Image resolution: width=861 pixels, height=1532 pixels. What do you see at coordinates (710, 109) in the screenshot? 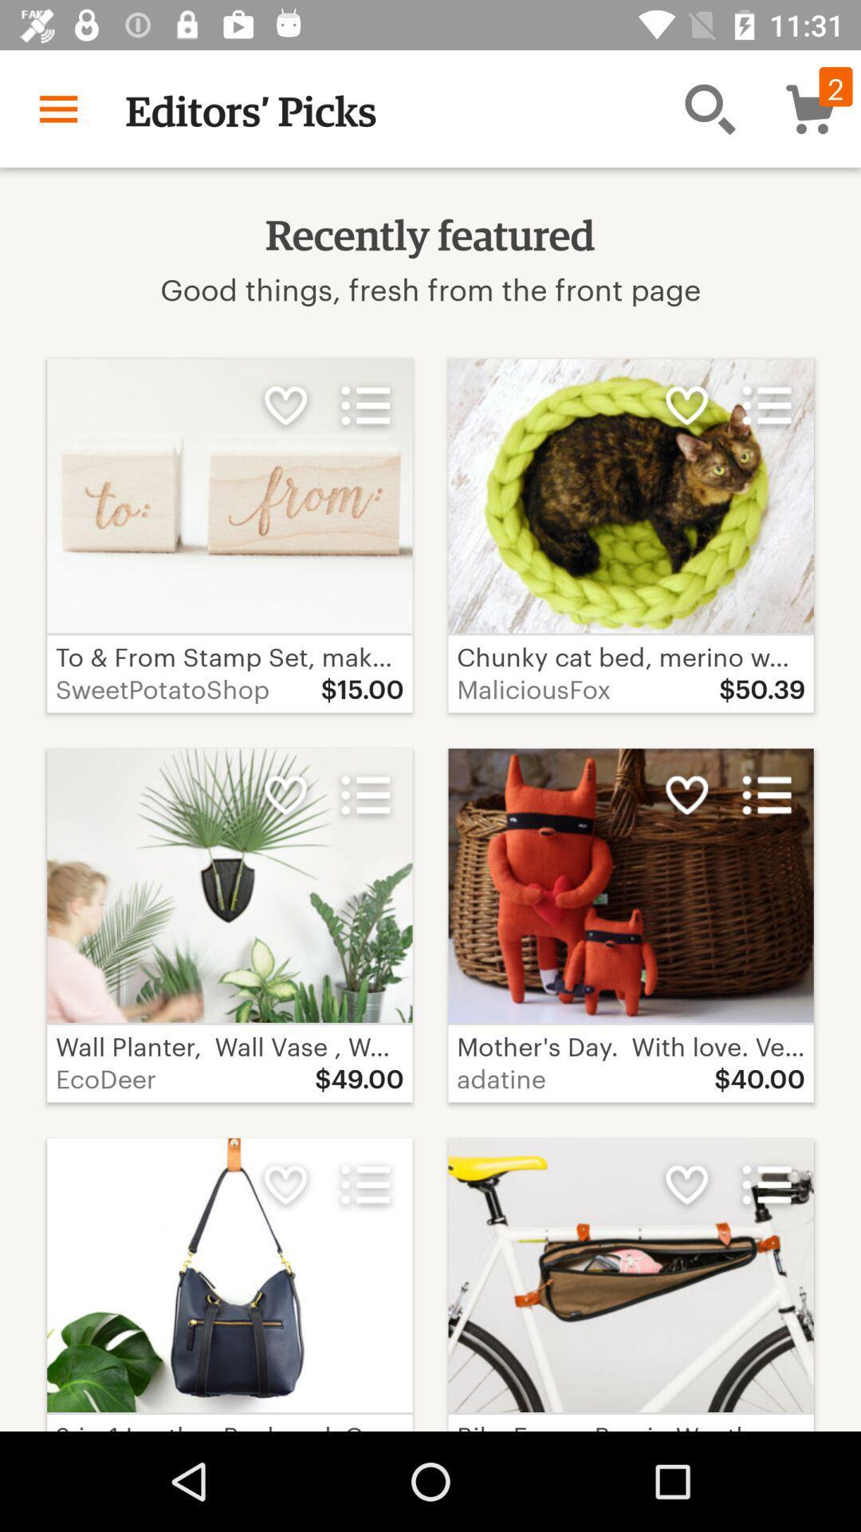
I see `the search icon` at bounding box center [710, 109].